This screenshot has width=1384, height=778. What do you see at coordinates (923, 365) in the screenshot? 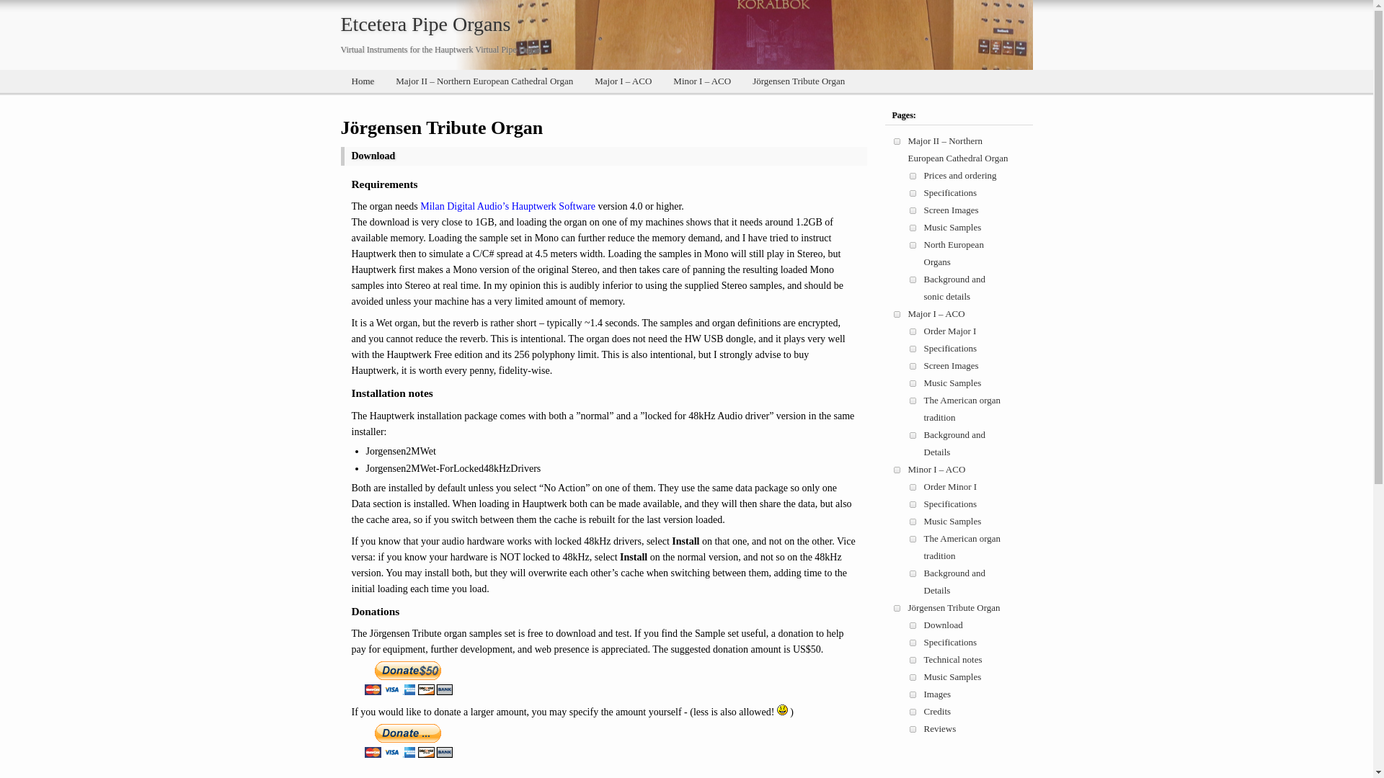
I see `'Screen Images'` at bounding box center [923, 365].